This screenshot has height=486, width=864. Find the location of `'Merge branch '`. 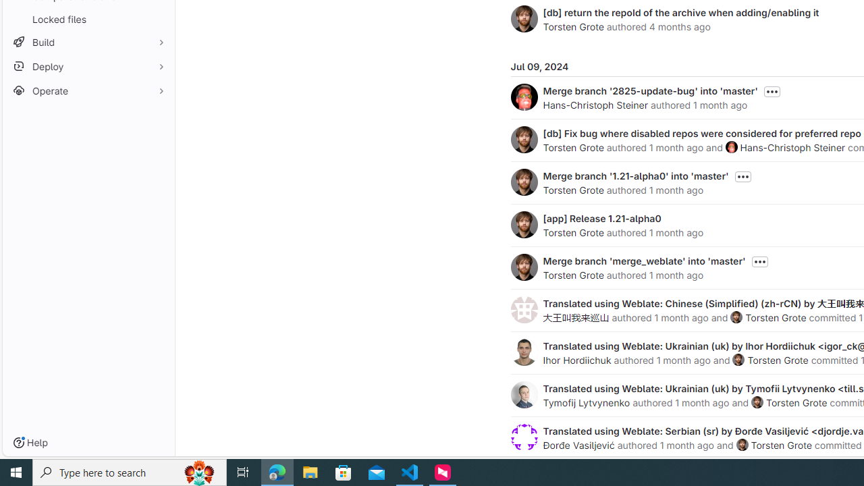

'Merge branch ' is located at coordinates (650, 90).